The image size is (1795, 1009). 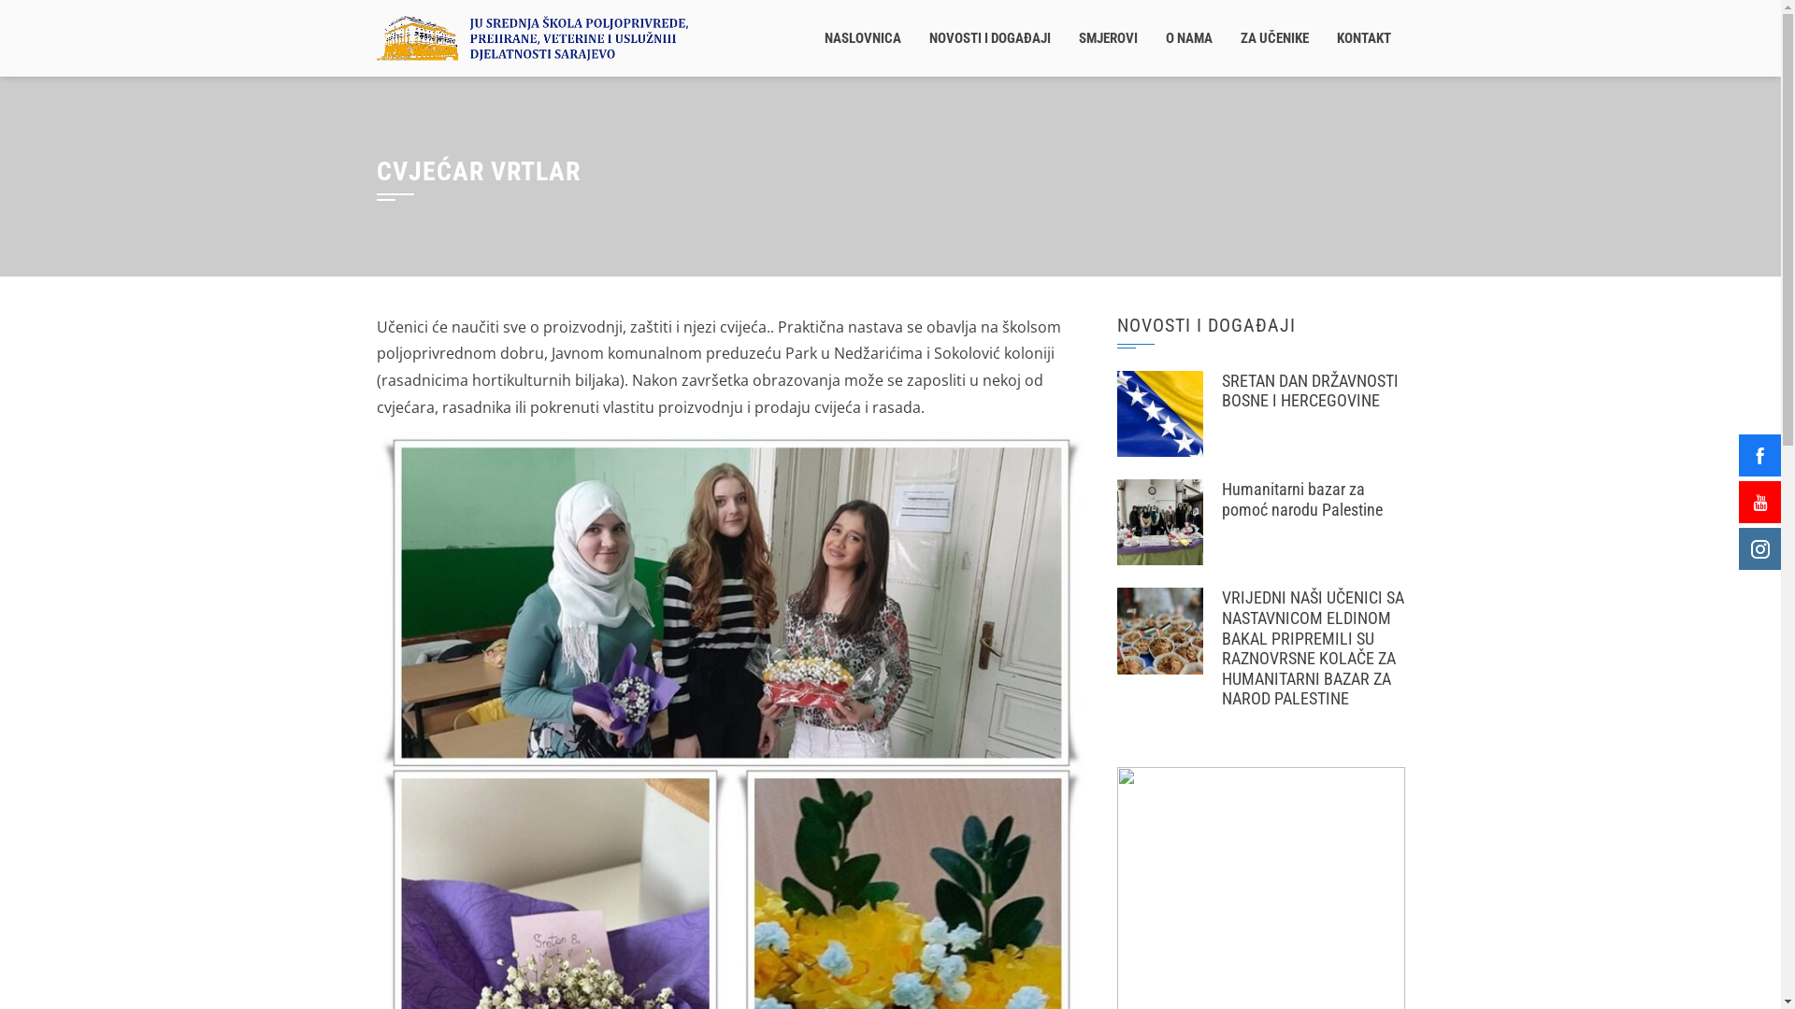 What do you see at coordinates (1063, 38) in the screenshot?
I see `'SMJEROVI'` at bounding box center [1063, 38].